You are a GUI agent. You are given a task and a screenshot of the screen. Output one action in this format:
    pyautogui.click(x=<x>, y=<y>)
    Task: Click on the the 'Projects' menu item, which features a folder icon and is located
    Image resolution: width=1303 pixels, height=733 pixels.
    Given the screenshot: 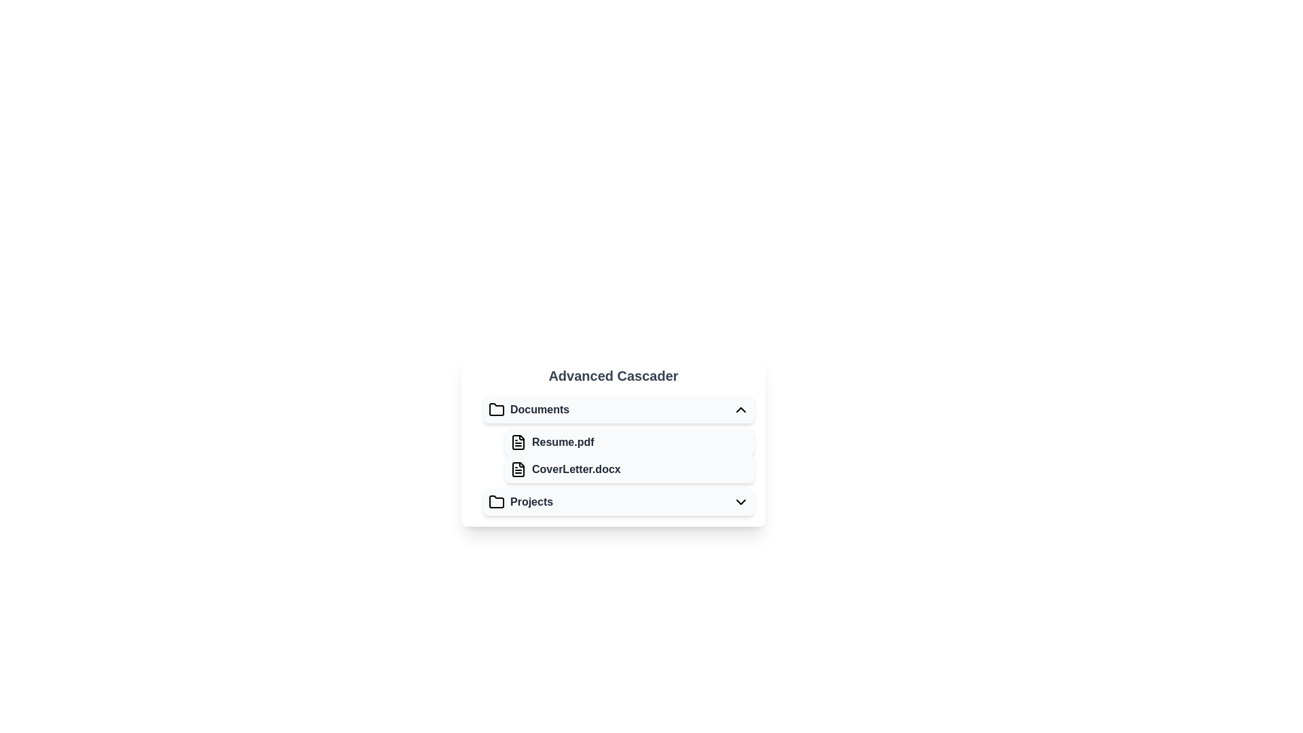 What is the action you would take?
    pyautogui.click(x=520, y=502)
    